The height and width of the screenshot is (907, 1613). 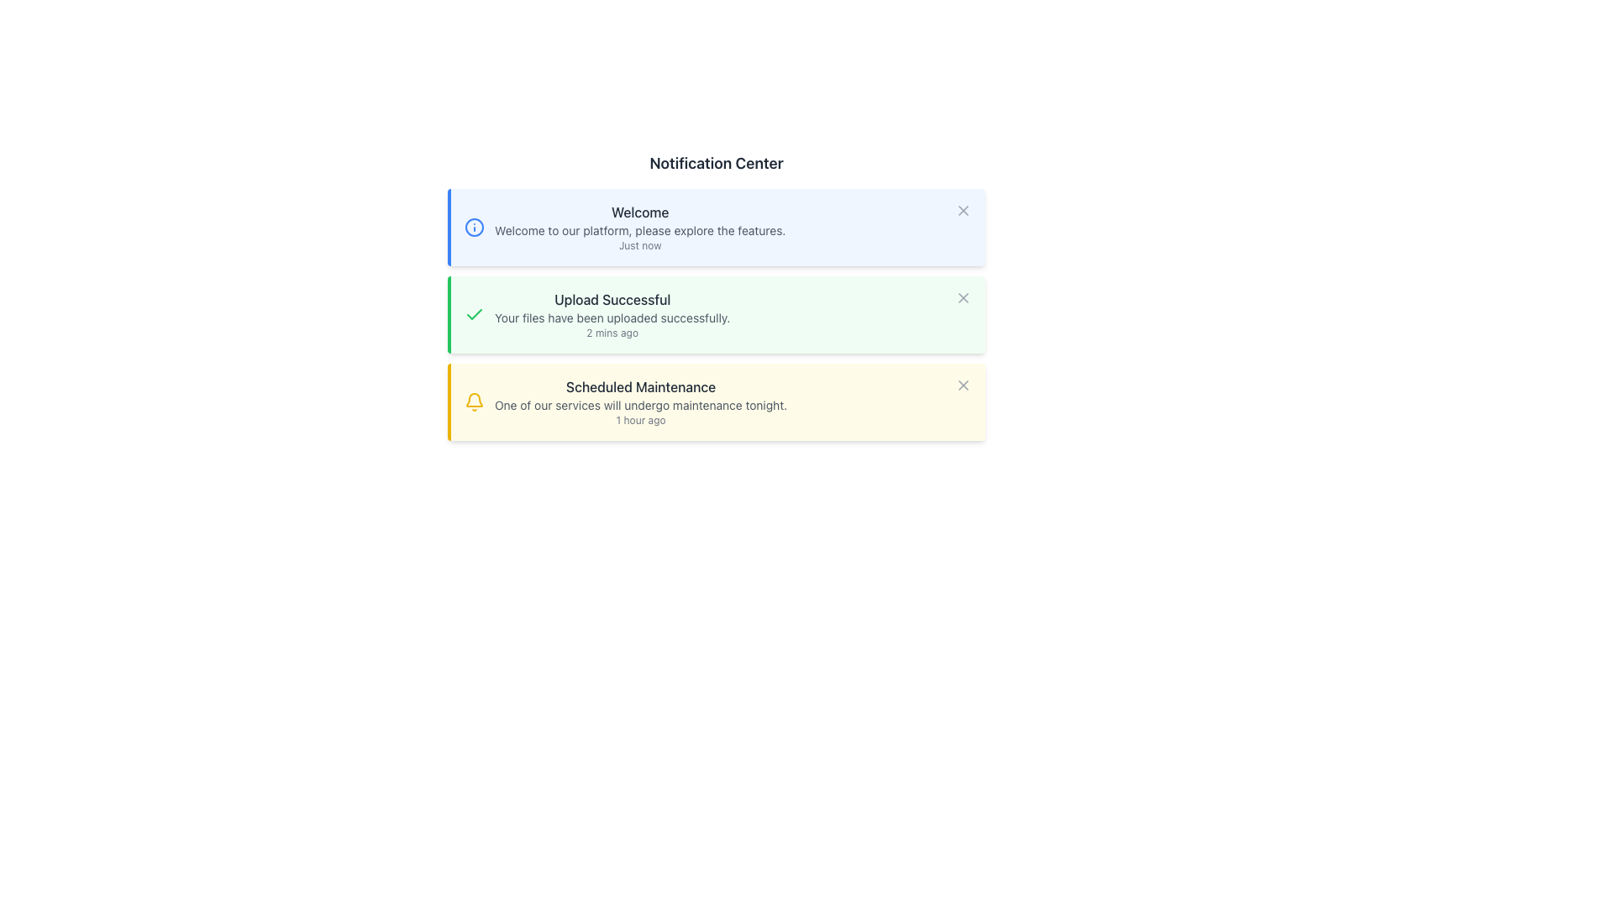 I want to click on the diagonal cross icon styled according to the 'lucide' library located in the top-right corner of the 'Welcome' notification block, so click(x=964, y=209).